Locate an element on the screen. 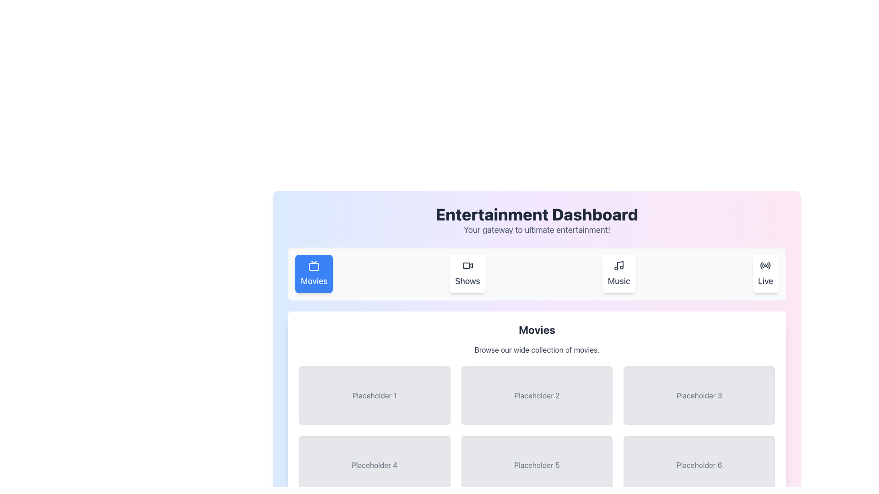 The height and width of the screenshot is (494, 879). the textual header component with the title 'Entertainment Dashboard' and subtitle 'Your gateway to ultimate entertainment!', which is prominently displayed at the top of the interface is located at coordinates (537, 220).